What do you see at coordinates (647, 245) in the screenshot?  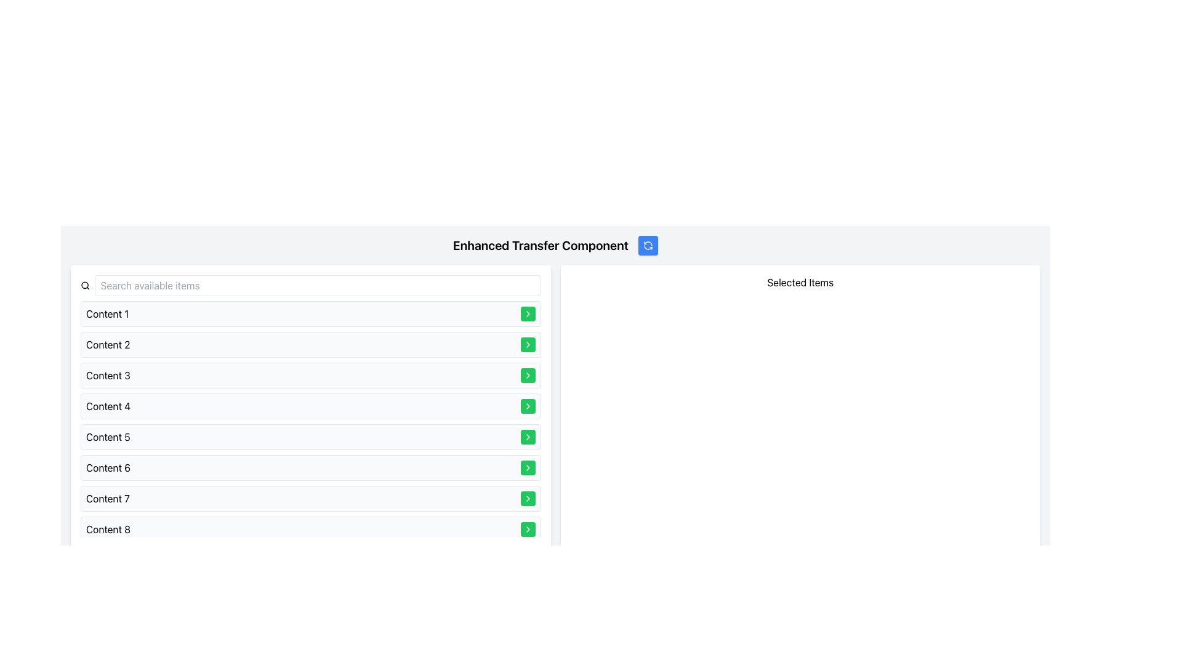 I see `the refresh icon with a blue background located at the top-center of the interface next to 'Enhanced Transfer Component'` at bounding box center [647, 245].